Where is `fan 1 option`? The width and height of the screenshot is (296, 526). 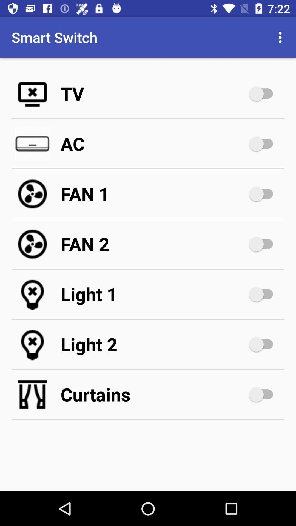
fan 1 option is located at coordinates (263, 194).